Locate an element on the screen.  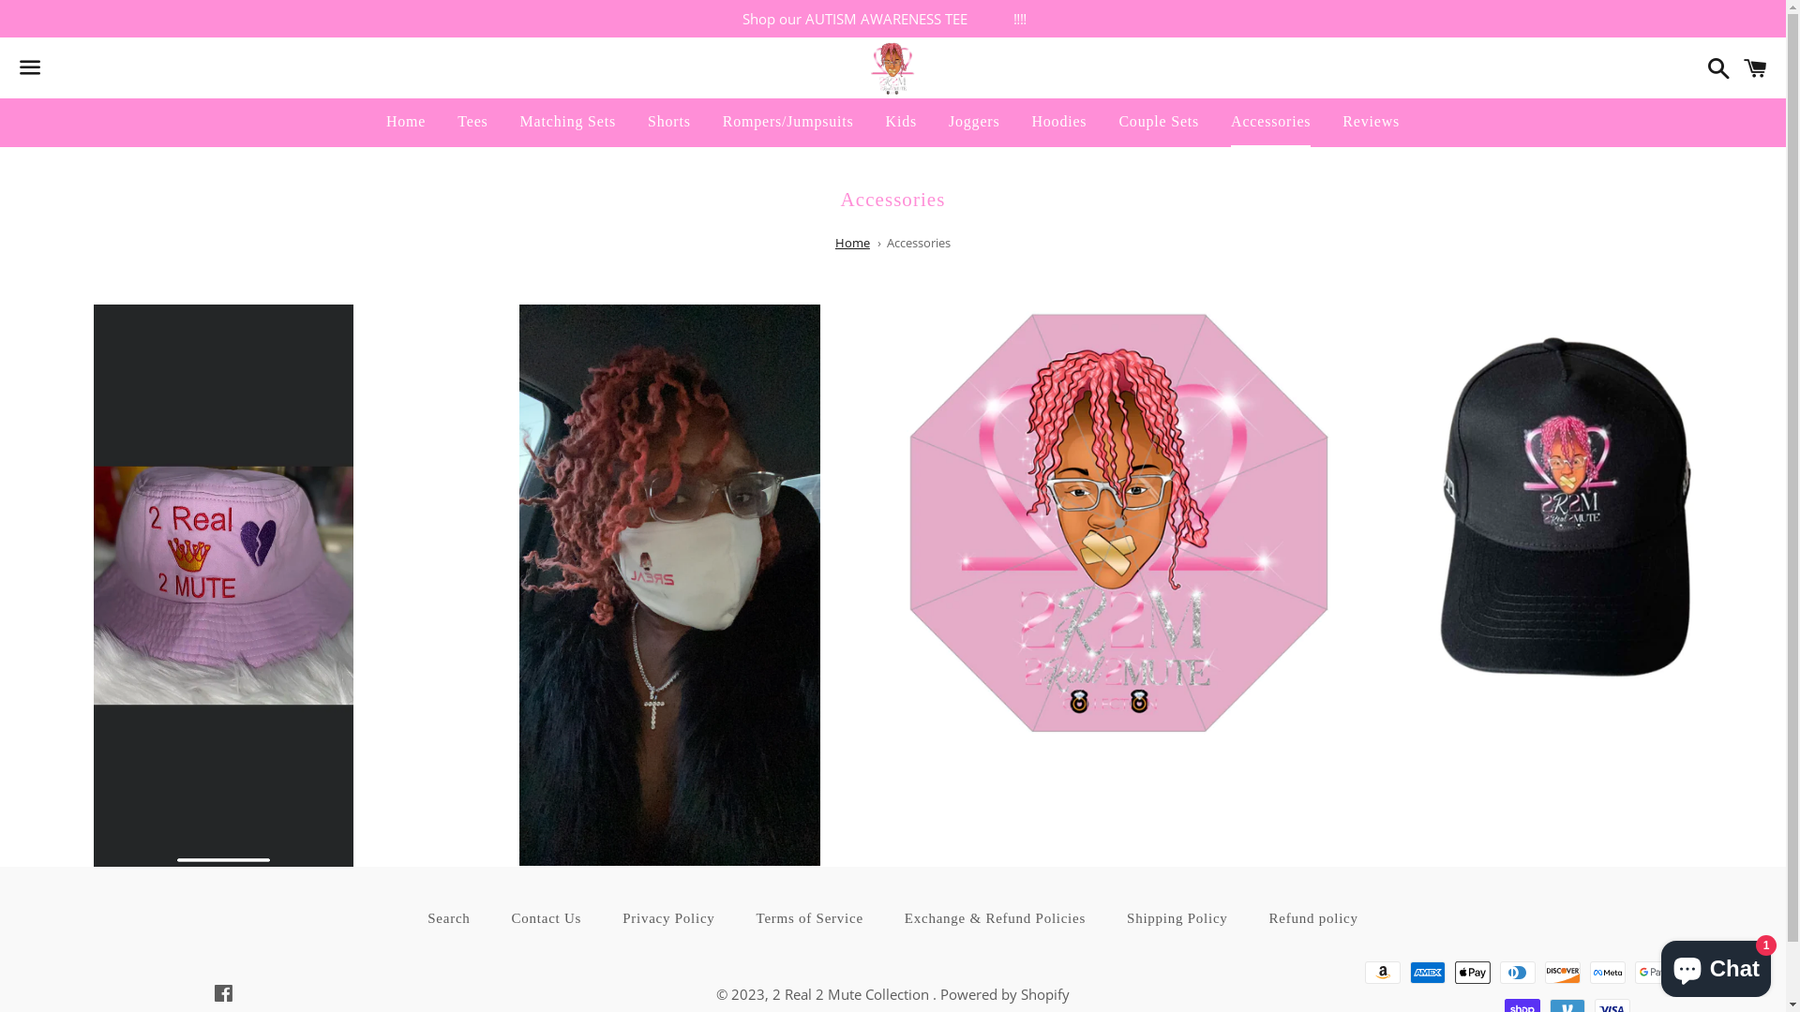
'Contact Us' is located at coordinates (546, 917).